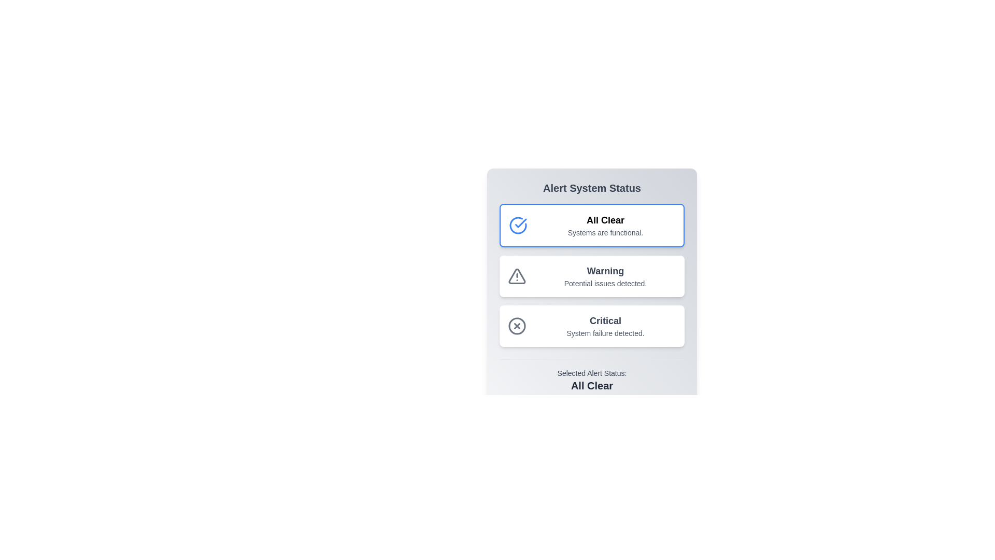 This screenshot has height=560, width=995. I want to click on the text label displaying 'Systems are functional.' which is located below the title 'All Clear' within the notification box indicating system status, so click(605, 232).